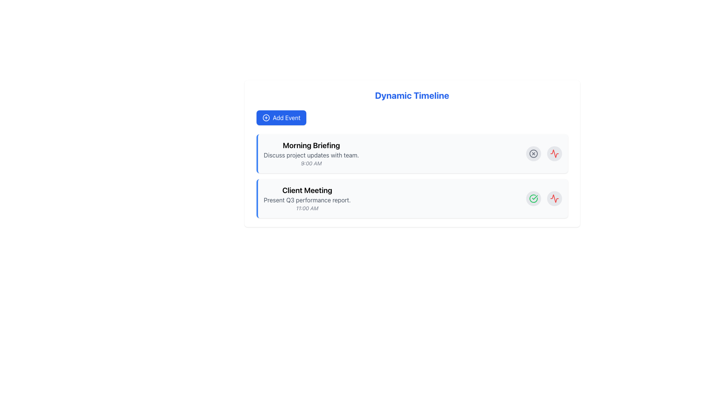  I want to click on the circular button with a gray background and a red activity icon resembling a waveform, located next to the green checkmark button in the second meeting entry of the timeline view, so click(554, 153).